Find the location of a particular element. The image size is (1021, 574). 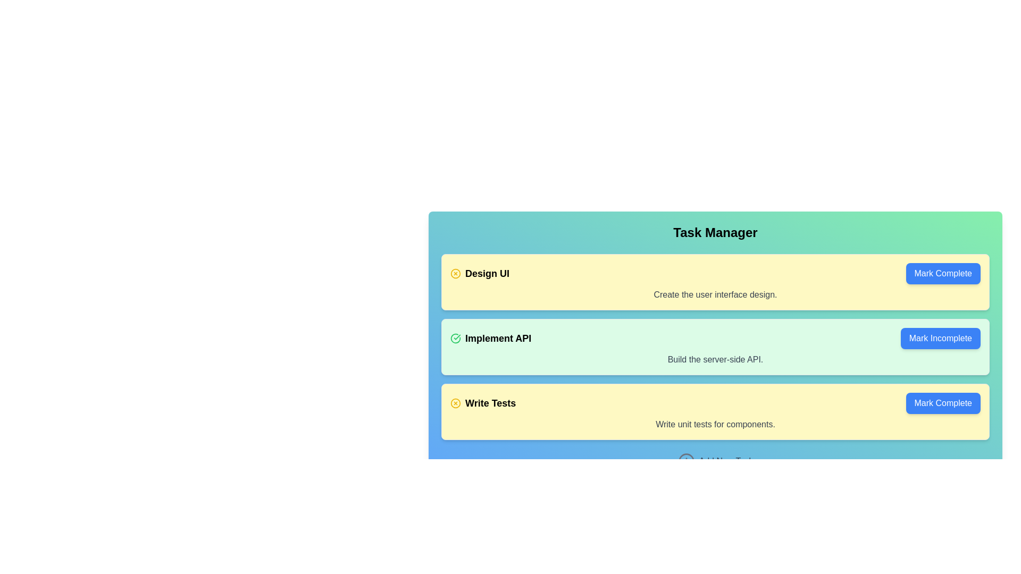

the status icon indicating task completion for the 'Implement API' task item, located on the left side of the list is located at coordinates (456, 338).